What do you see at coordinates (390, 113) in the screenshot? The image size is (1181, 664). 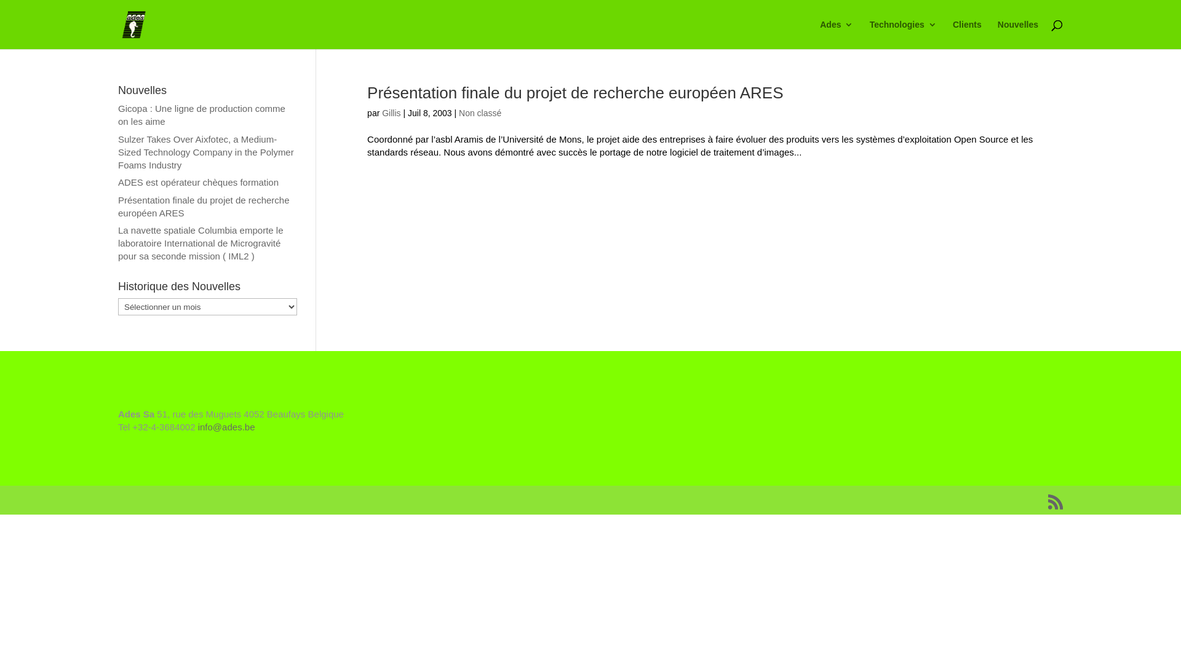 I see `'Gillis'` at bounding box center [390, 113].